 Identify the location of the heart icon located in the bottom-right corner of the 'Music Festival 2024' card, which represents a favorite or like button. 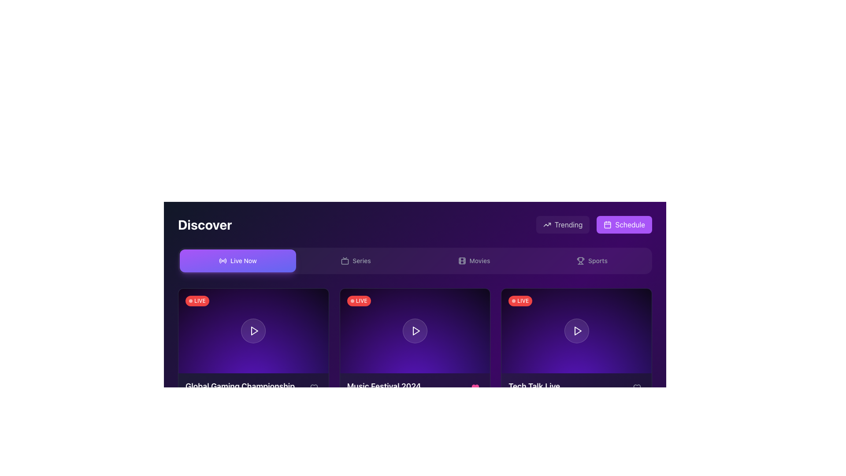
(314, 387).